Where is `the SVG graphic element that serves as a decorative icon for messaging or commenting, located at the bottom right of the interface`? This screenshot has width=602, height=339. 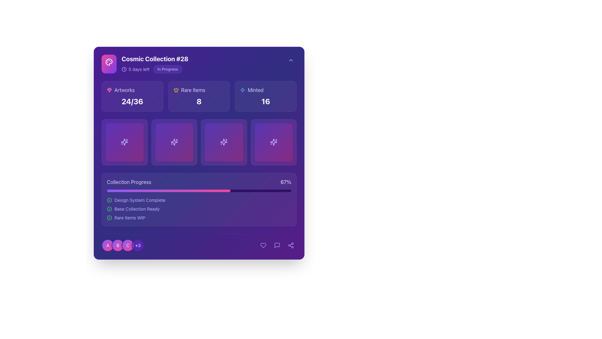 the SVG graphic element that serves as a decorative icon for messaging or commenting, located at the bottom right of the interface is located at coordinates (277, 245).